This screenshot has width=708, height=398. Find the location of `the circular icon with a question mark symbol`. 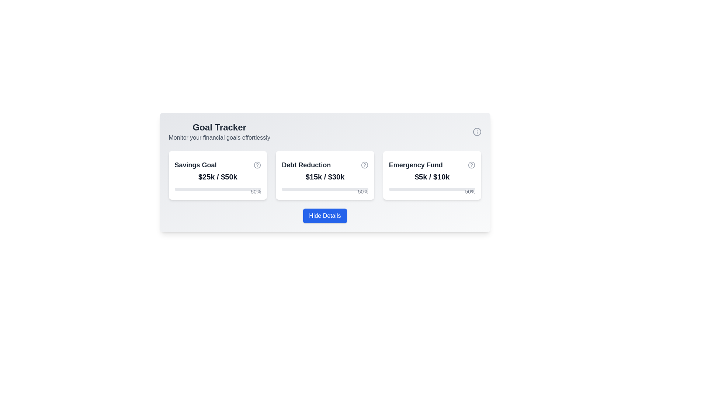

the circular icon with a question mark symbol is located at coordinates (257, 164).